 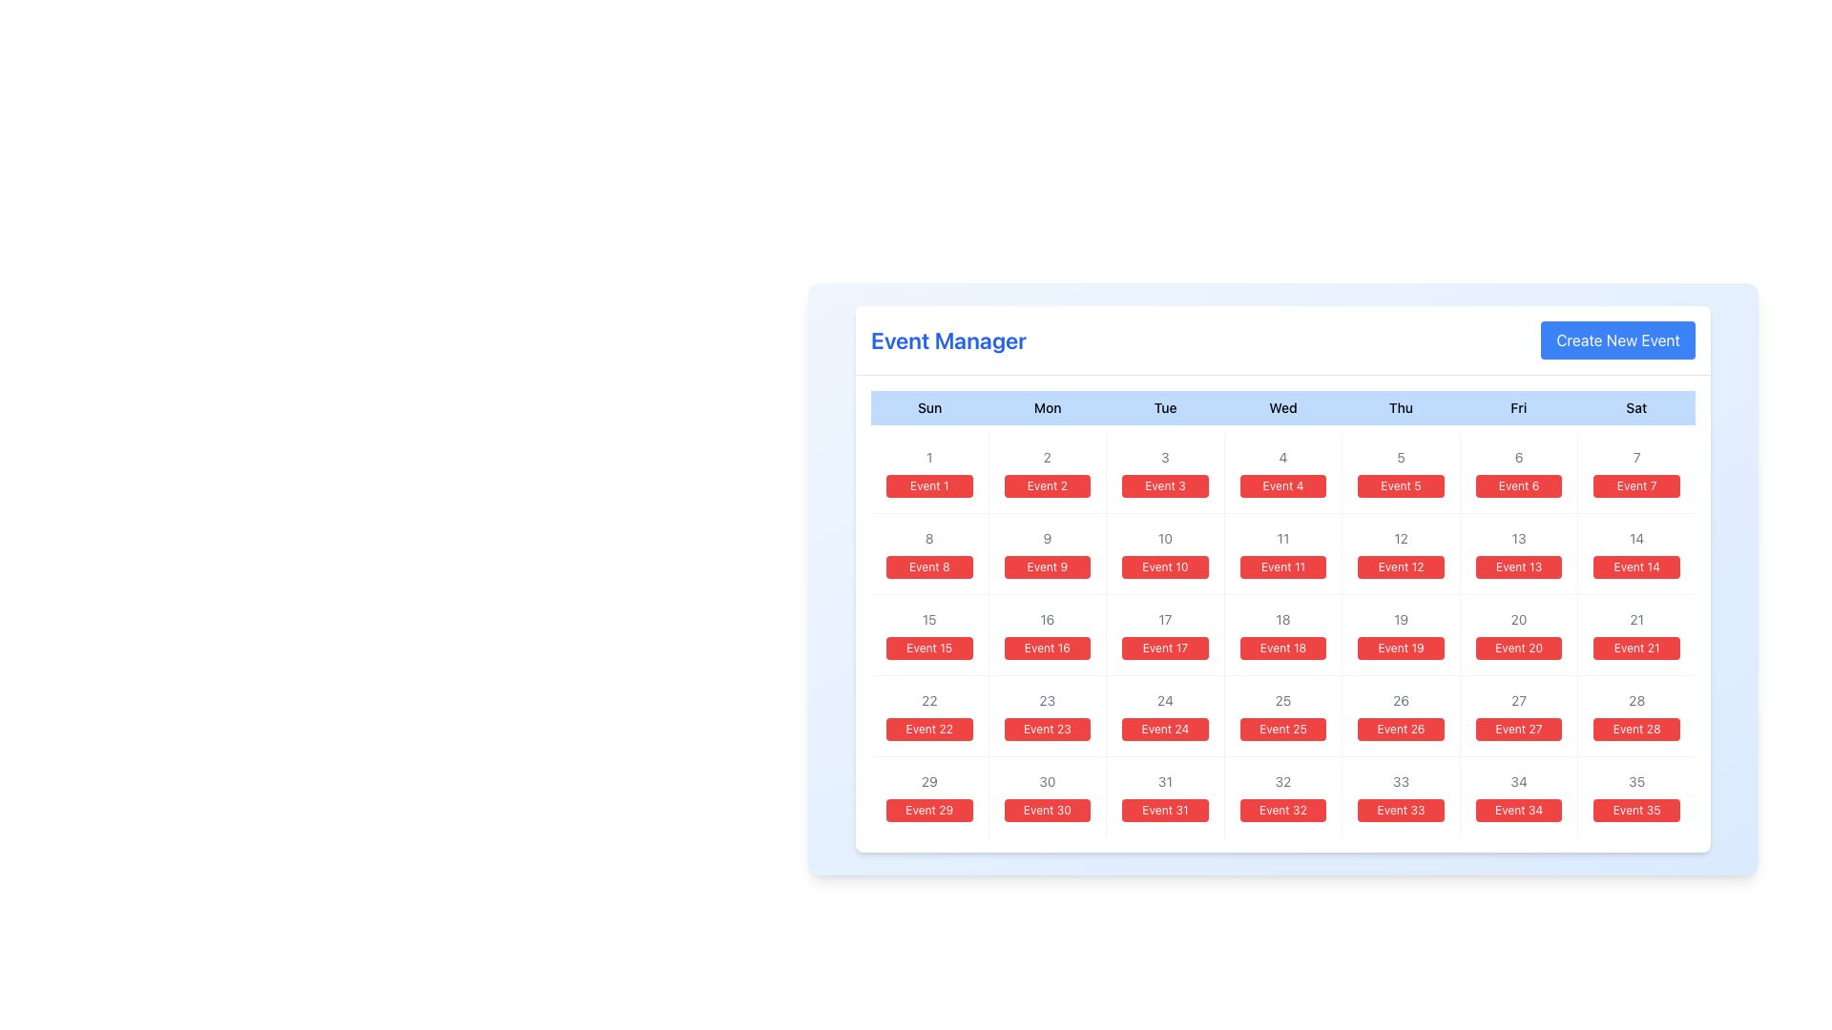 I want to click on the content of the 'Thursday' column label in the calendar header, which is the fifth item in a horizontal sequence of seven days, so click(x=1401, y=407).